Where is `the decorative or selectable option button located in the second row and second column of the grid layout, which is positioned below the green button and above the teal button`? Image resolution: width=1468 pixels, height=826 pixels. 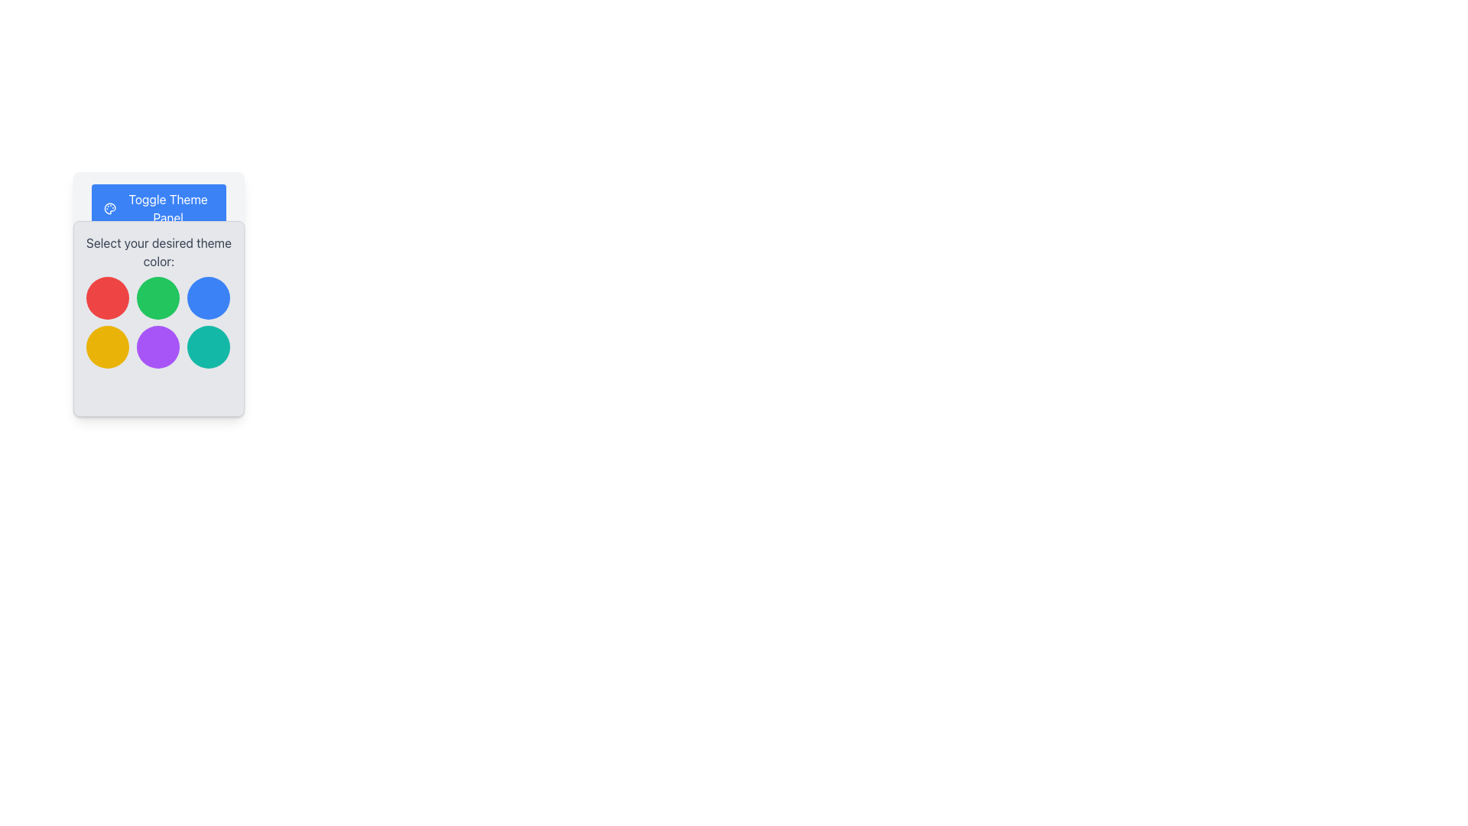
the decorative or selectable option button located in the second row and second column of the grid layout, which is positioned below the green button and above the teal button is located at coordinates (158, 347).